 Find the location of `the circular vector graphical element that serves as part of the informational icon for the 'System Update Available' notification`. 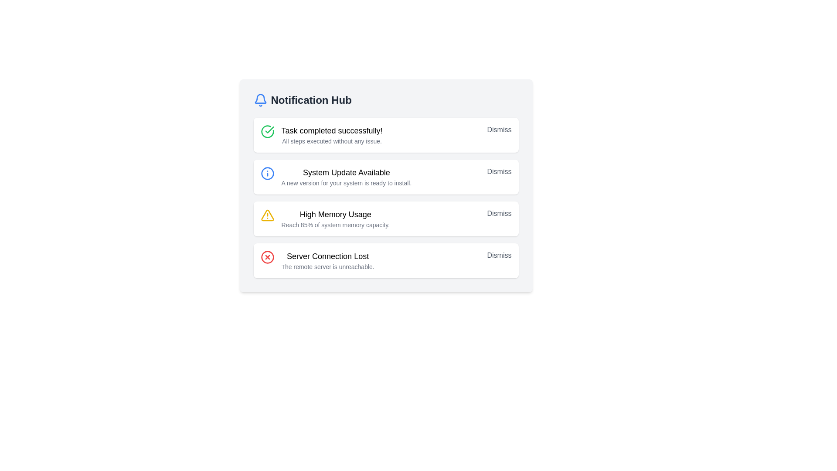

the circular vector graphical element that serves as part of the informational icon for the 'System Update Available' notification is located at coordinates (267, 173).